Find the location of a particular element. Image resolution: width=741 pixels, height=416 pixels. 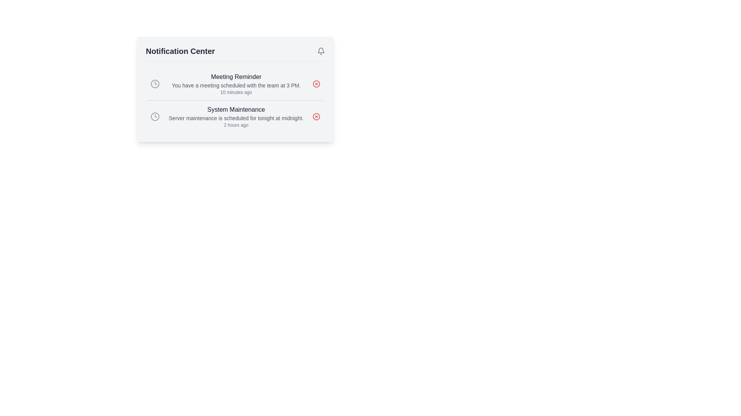

the 'Meeting Reminder' notification icon located to the left of the text in the notification panel is located at coordinates (155, 84).